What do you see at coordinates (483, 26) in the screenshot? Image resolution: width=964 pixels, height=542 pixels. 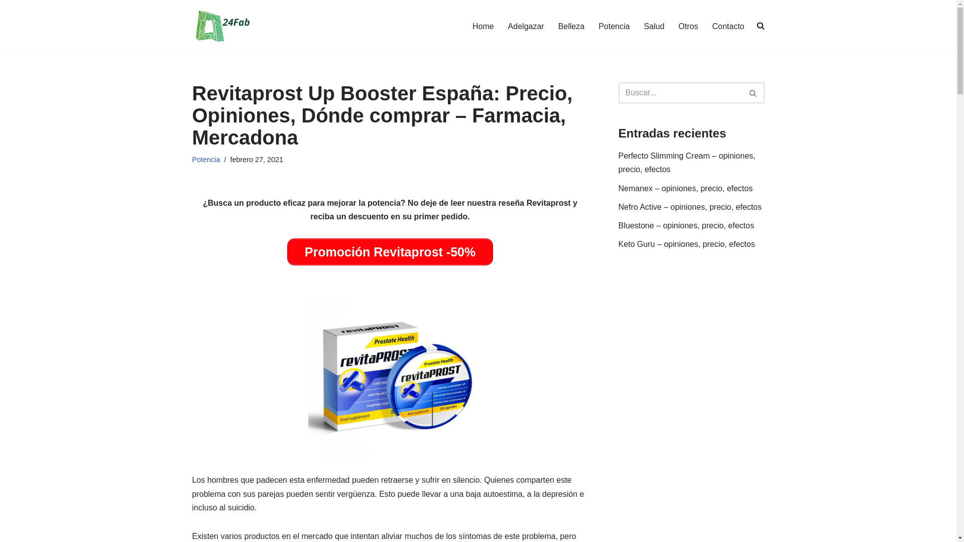 I see `'Home'` at bounding box center [483, 26].